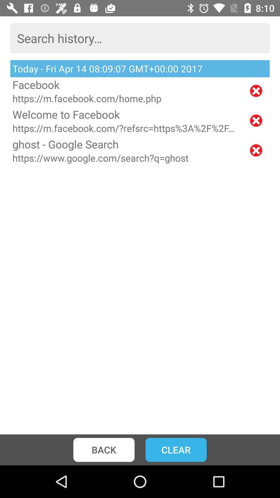  What do you see at coordinates (176, 449) in the screenshot?
I see `item to the right of the back icon` at bounding box center [176, 449].